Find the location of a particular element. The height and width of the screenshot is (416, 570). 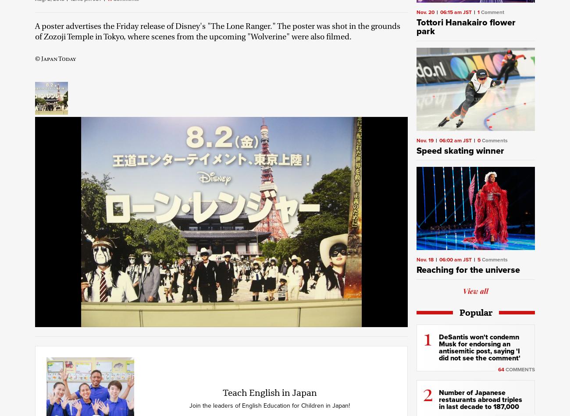

'Nov. 20' is located at coordinates (417, 12).